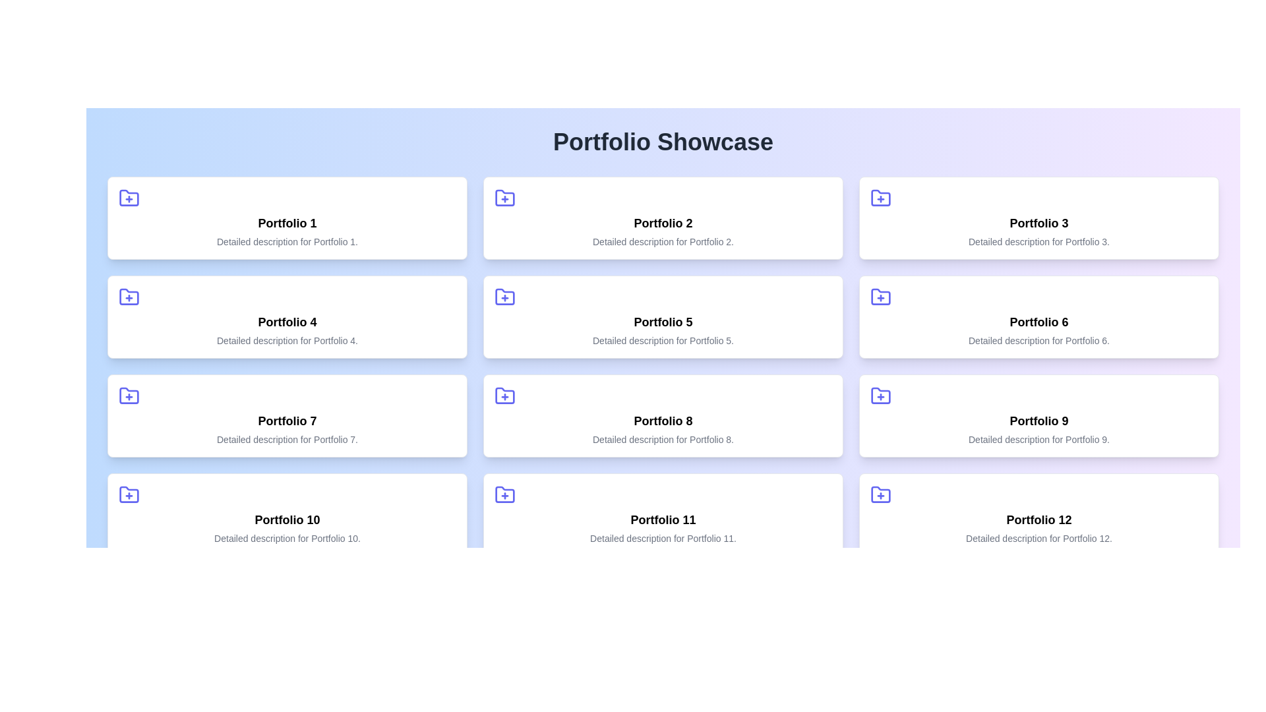  What do you see at coordinates (129, 297) in the screenshot?
I see `the interactive button icon for adding a new folder related to 'Portfolio 4', located at the top-left corner of the 'Portfolio 4' card` at bounding box center [129, 297].